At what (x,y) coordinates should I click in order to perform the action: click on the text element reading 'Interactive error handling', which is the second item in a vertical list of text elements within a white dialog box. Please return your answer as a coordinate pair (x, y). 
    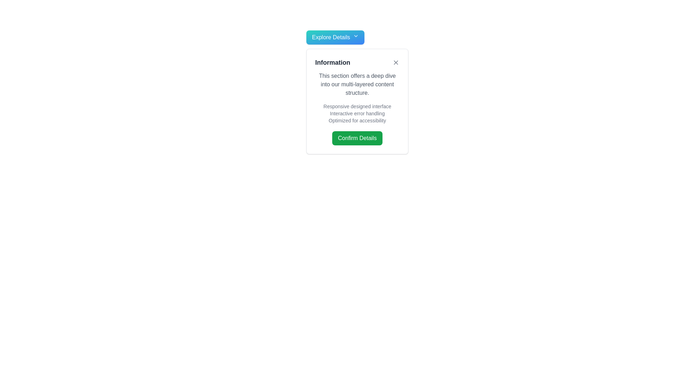
    Looking at the image, I should click on (357, 113).